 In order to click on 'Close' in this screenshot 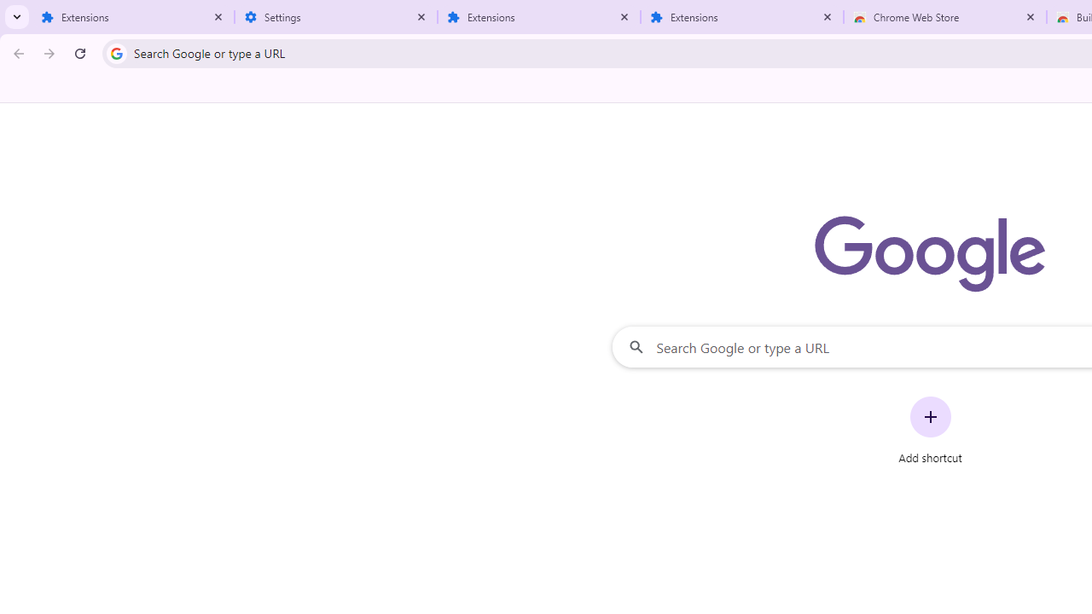, I will do `click(1030, 16)`.